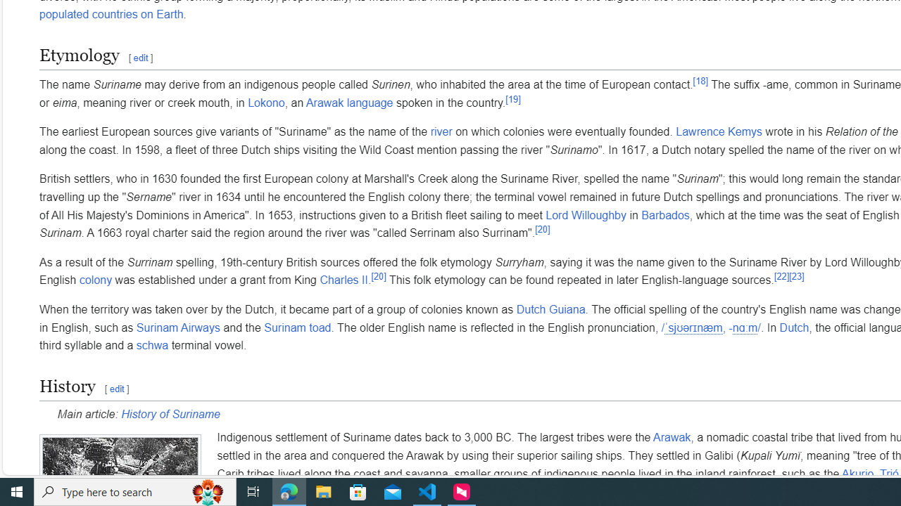 Image resolution: width=901 pixels, height=506 pixels. Describe the element at coordinates (671, 437) in the screenshot. I see `'Arawak'` at that location.